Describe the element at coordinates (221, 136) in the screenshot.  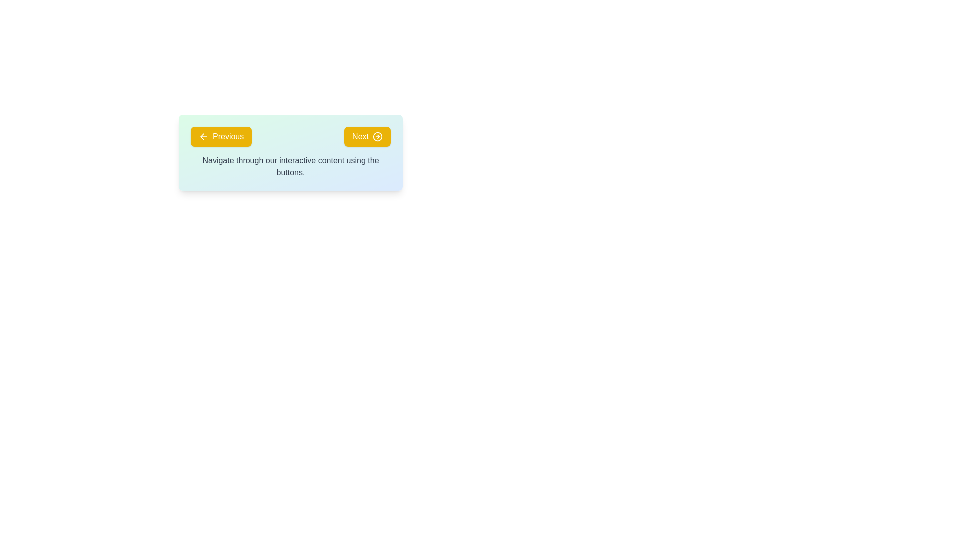
I see `the 'Previous' button located in the top-left quadrant of the interface` at that location.